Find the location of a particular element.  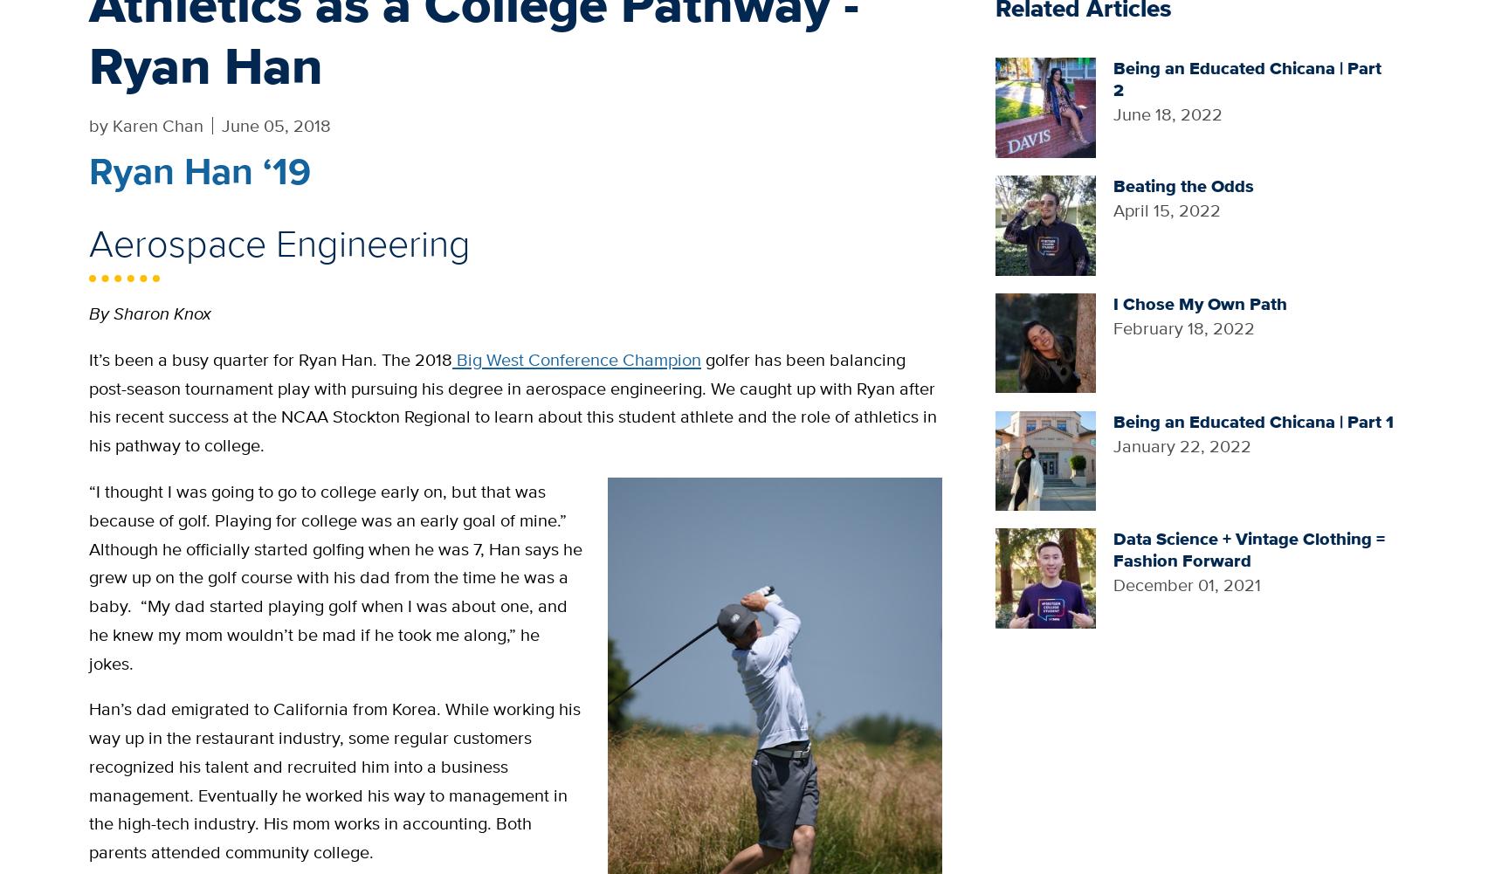

'June 05, 2018' is located at coordinates (222, 123).